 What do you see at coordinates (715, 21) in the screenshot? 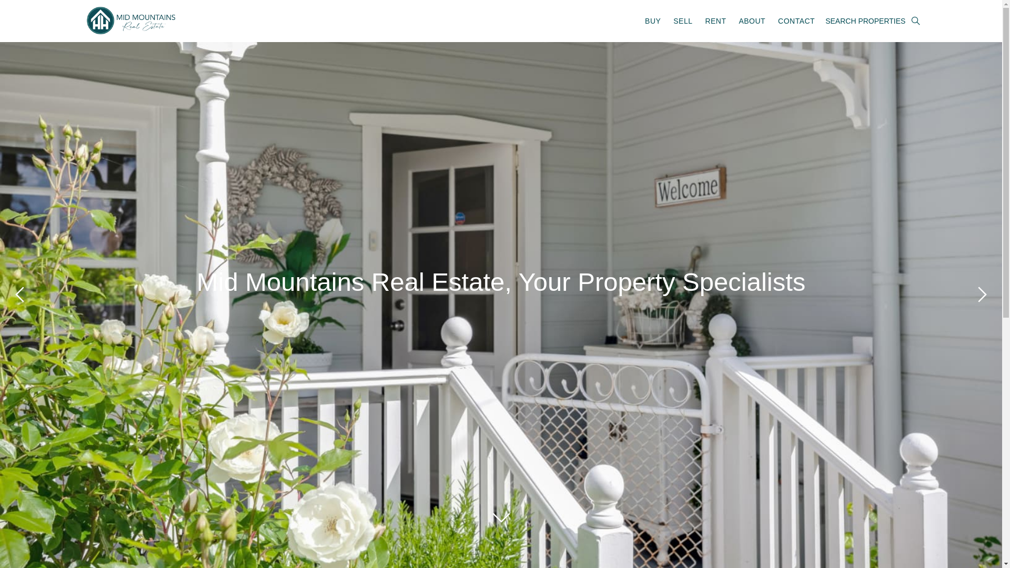
I see `'RENT'` at bounding box center [715, 21].